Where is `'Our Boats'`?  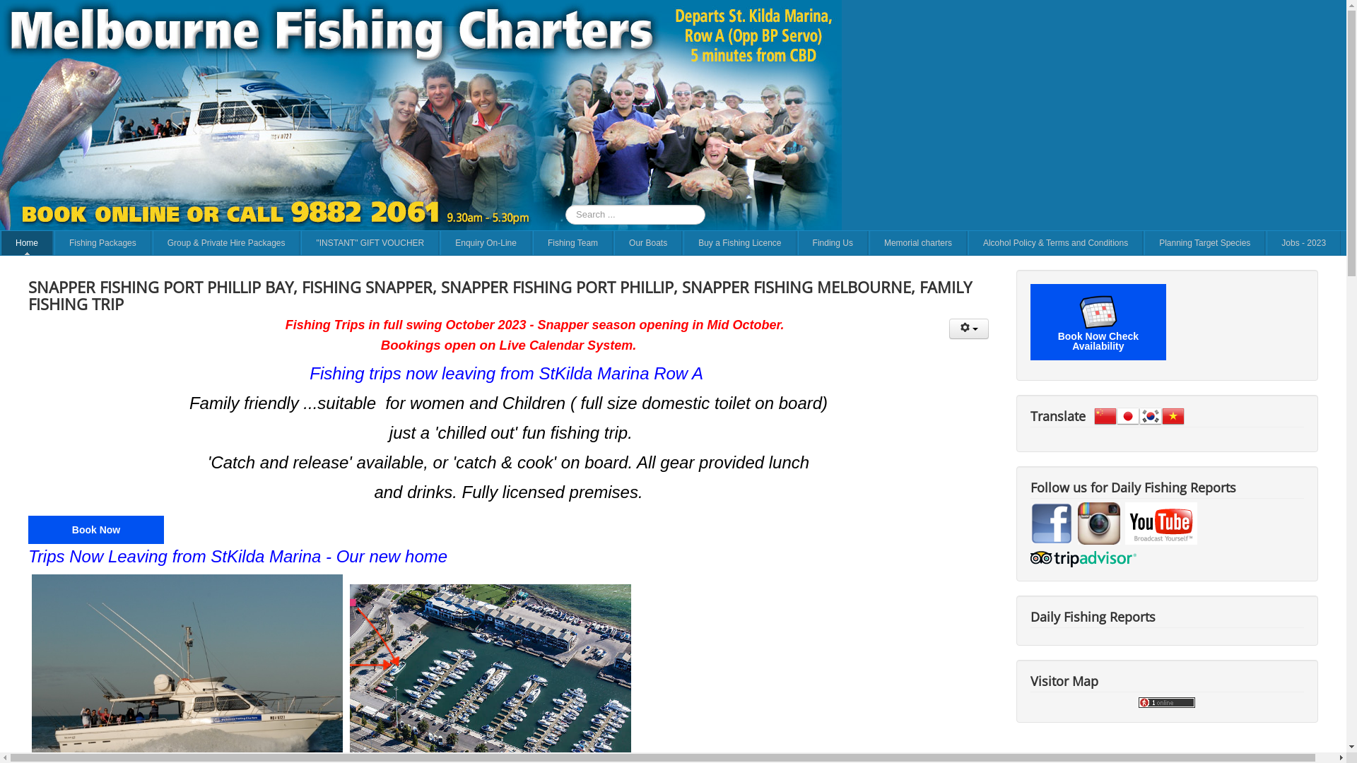 'Our Boats' is located at coordinates (647, 242).